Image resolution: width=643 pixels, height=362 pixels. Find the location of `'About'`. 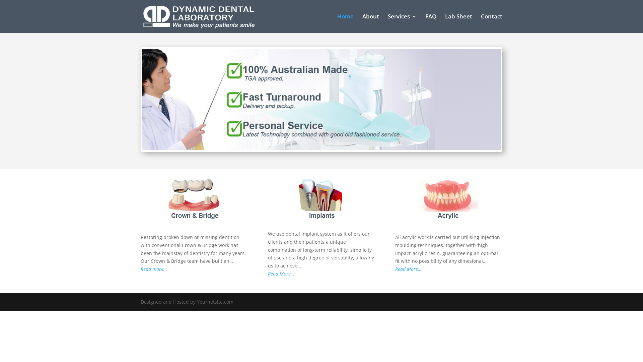

'About' is located at coordinates (370, 23).